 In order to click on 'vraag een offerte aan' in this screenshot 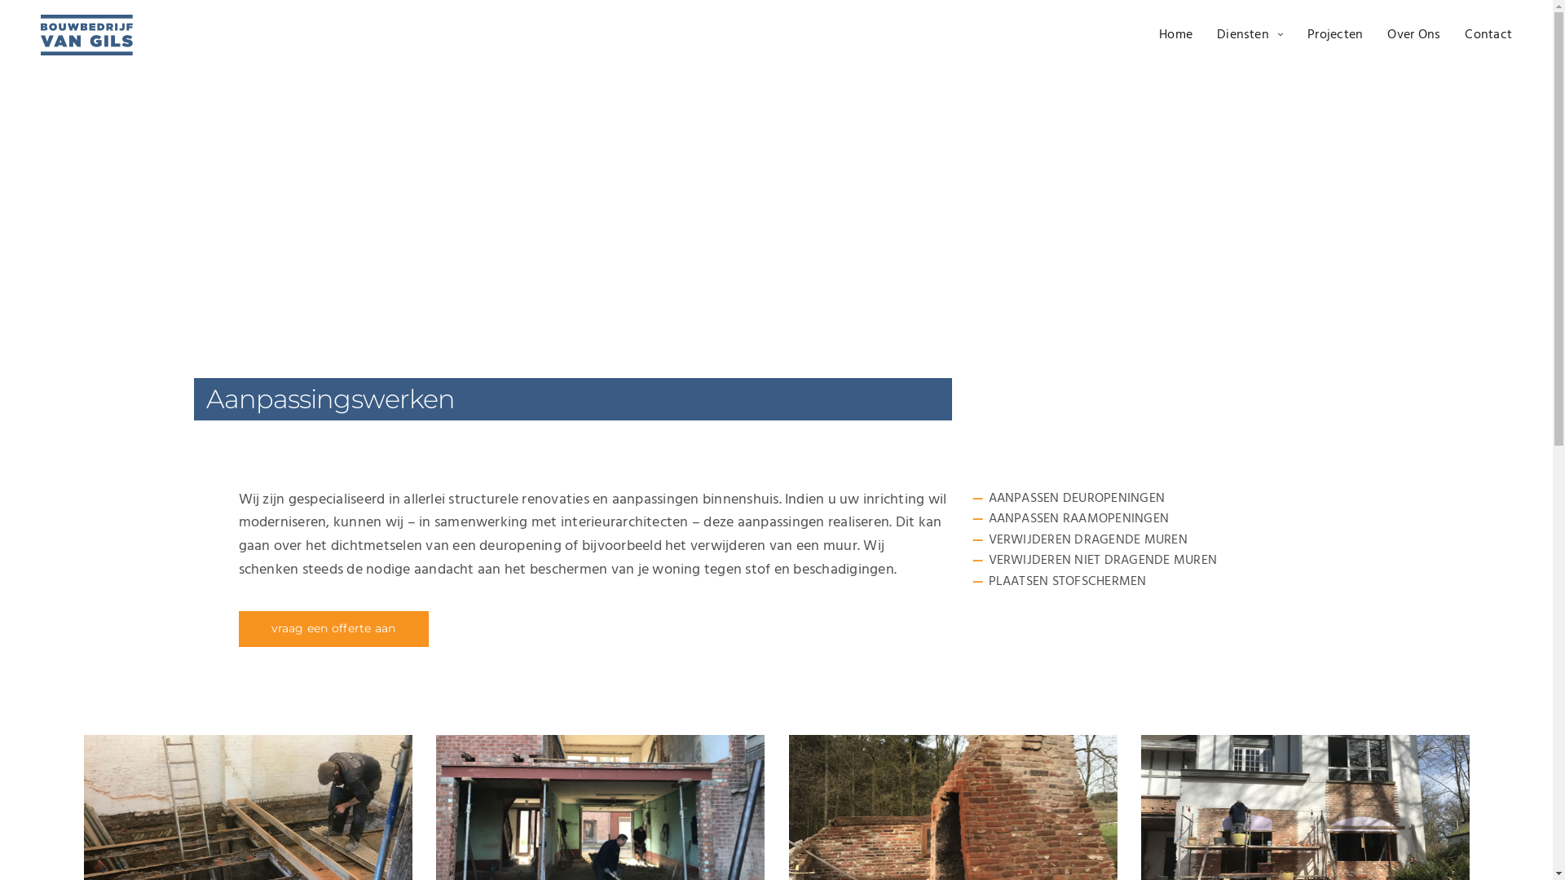, I will do `click(332, 627)`.